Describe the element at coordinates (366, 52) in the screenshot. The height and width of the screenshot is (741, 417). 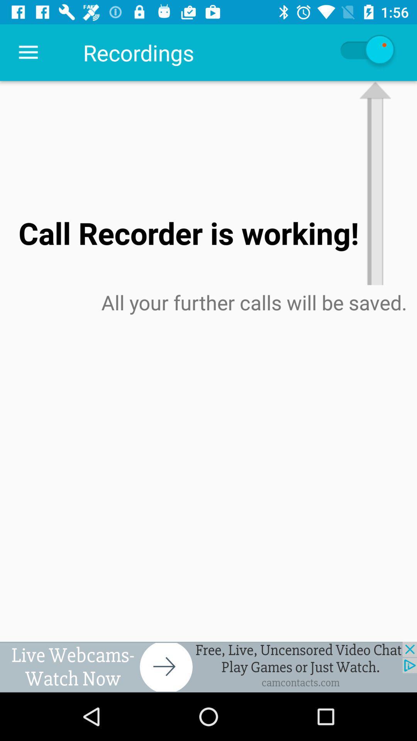
I see `on and off` at that location.